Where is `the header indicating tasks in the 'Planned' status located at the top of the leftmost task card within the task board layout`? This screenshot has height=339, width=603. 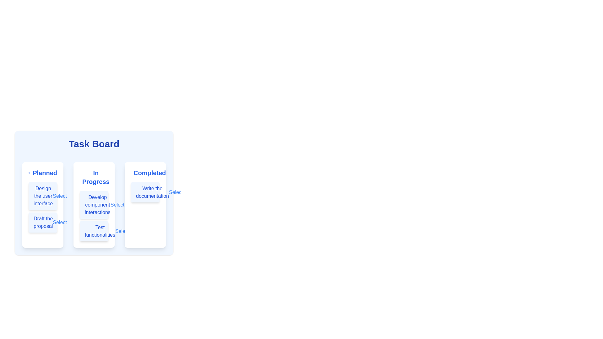
the header indicating tasks in the 'Planned' status located at the top of the leftmost task card within the task board layout is located at coordinates (42, 173).